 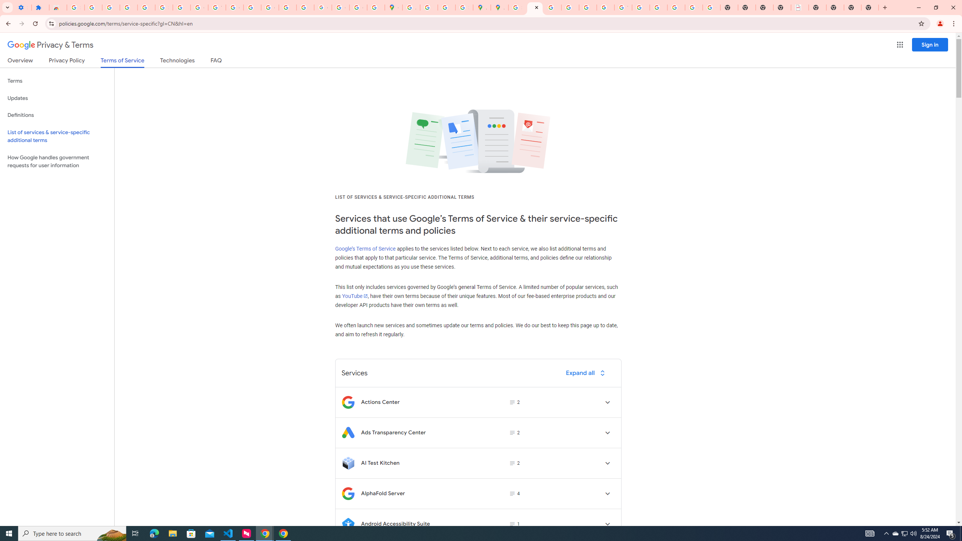 What do you see at coordinates (393, 7) in the screenshot?
I see `'Google Maps'` at bounding box center [393, 7].